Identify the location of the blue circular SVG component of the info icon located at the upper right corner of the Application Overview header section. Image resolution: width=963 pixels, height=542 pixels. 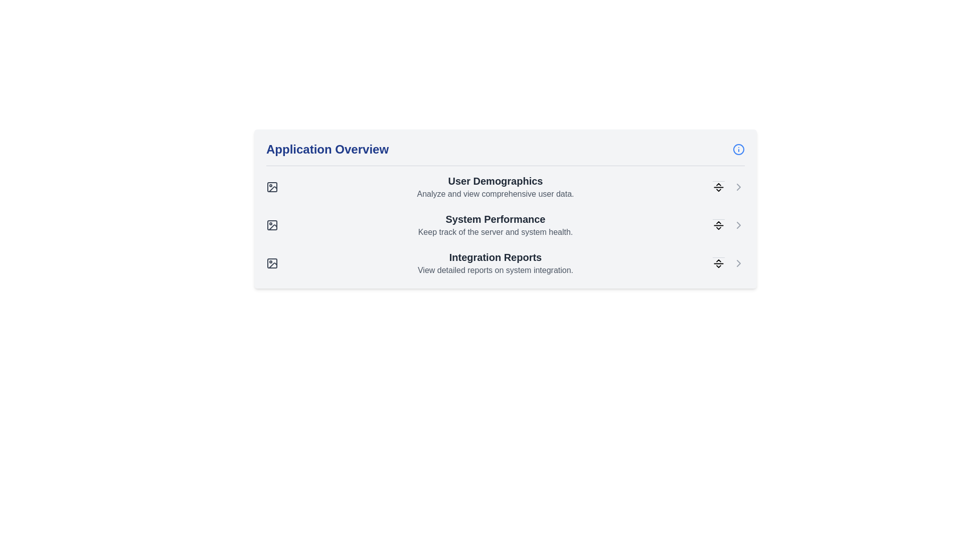
(739, 149).